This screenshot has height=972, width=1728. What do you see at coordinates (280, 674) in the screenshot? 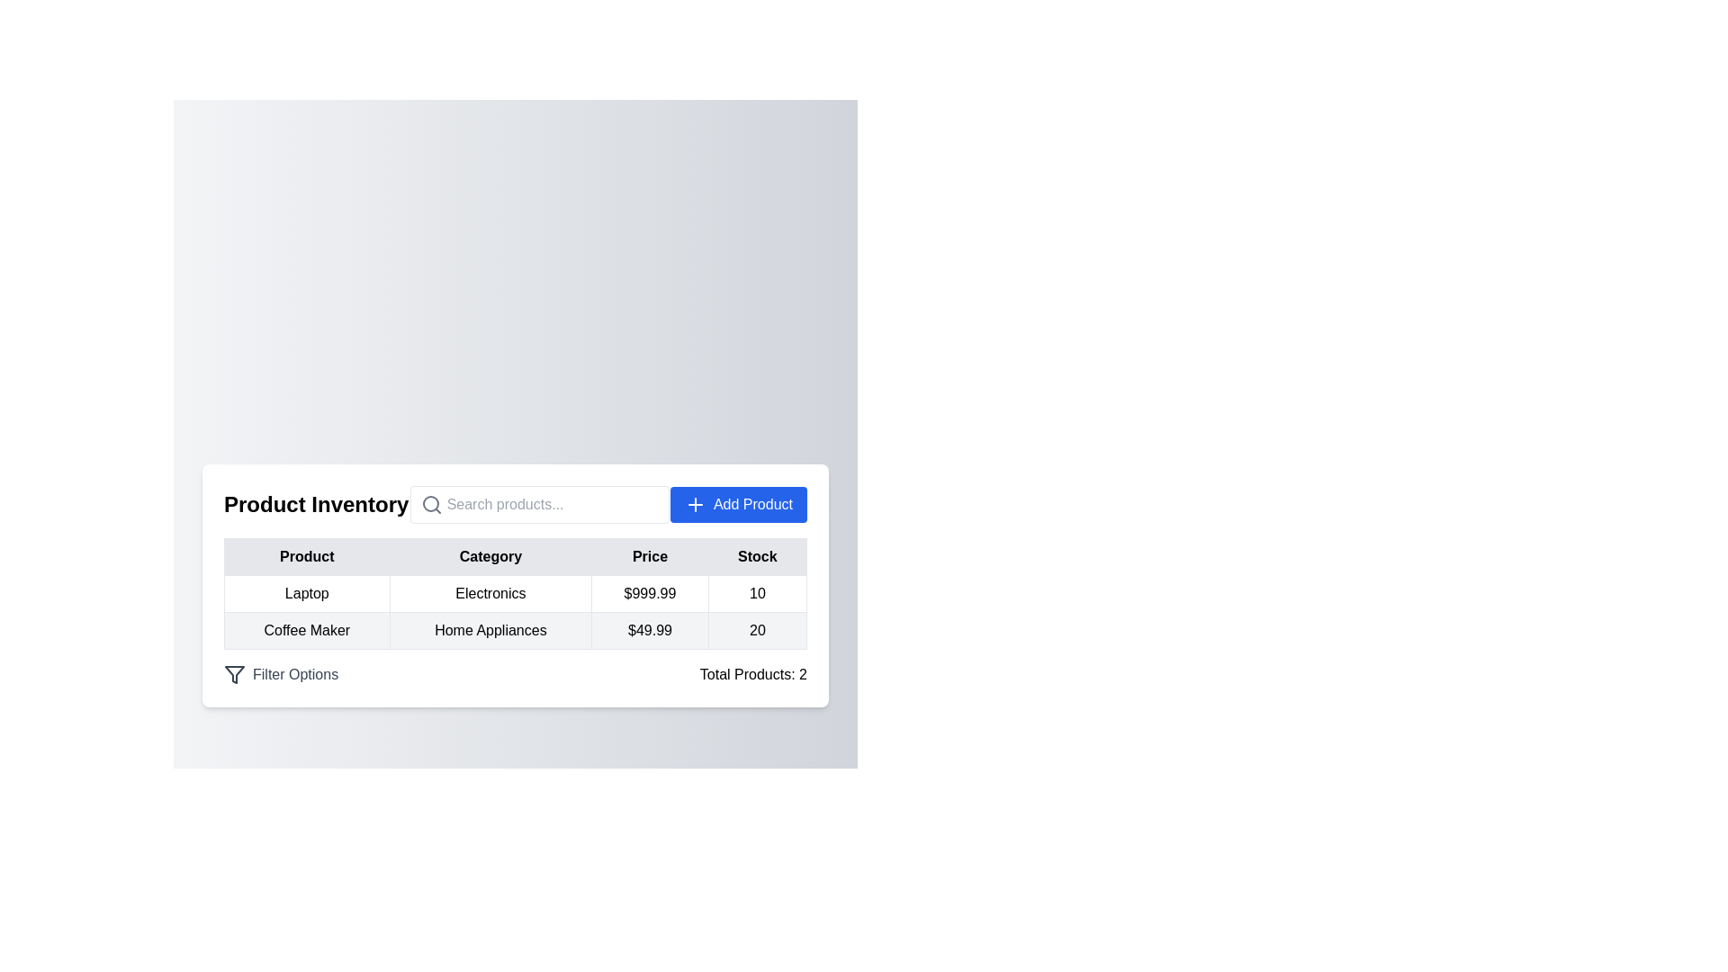
I see `the 'Filter Options' button, which is located in the bottom-left corner of the inventory section` at bounding box center [280, 674].